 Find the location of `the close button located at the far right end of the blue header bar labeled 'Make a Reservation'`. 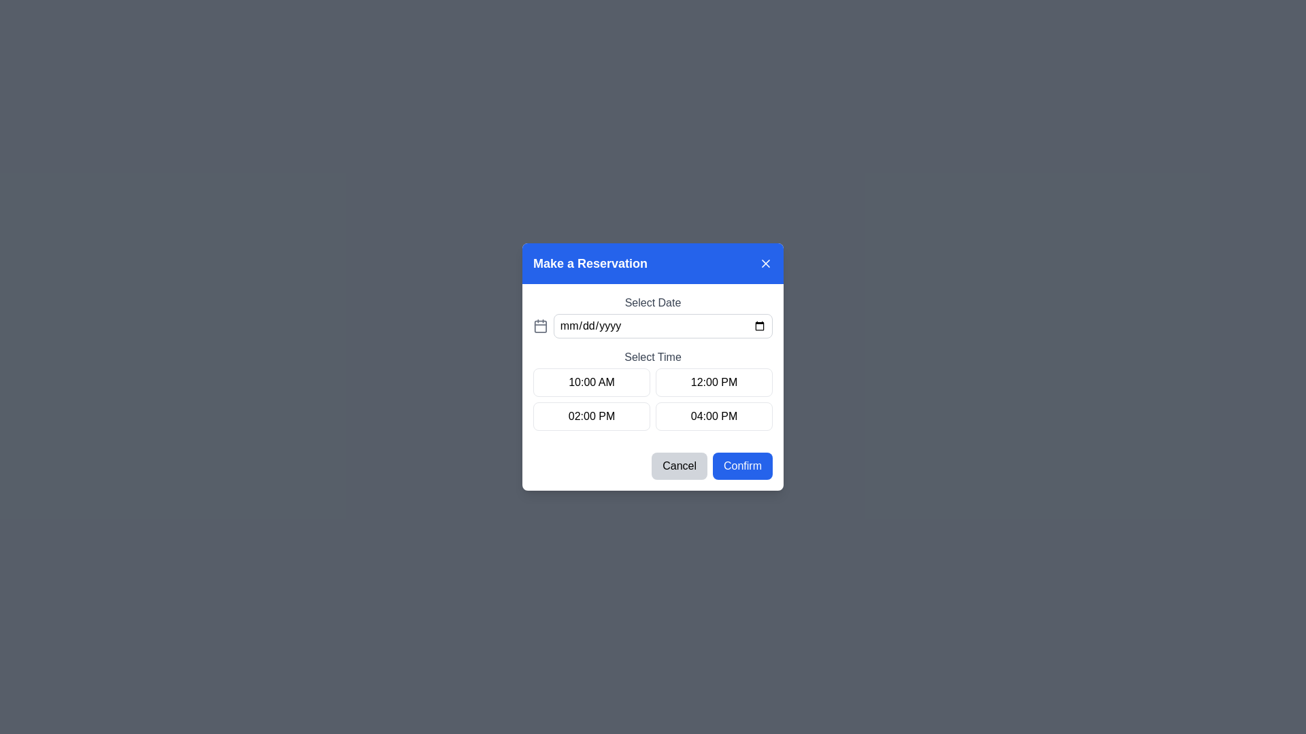

the close button located at the far right end of the blue header bar labeled 'Make a Reservation' is located at coordinates (766, 264).